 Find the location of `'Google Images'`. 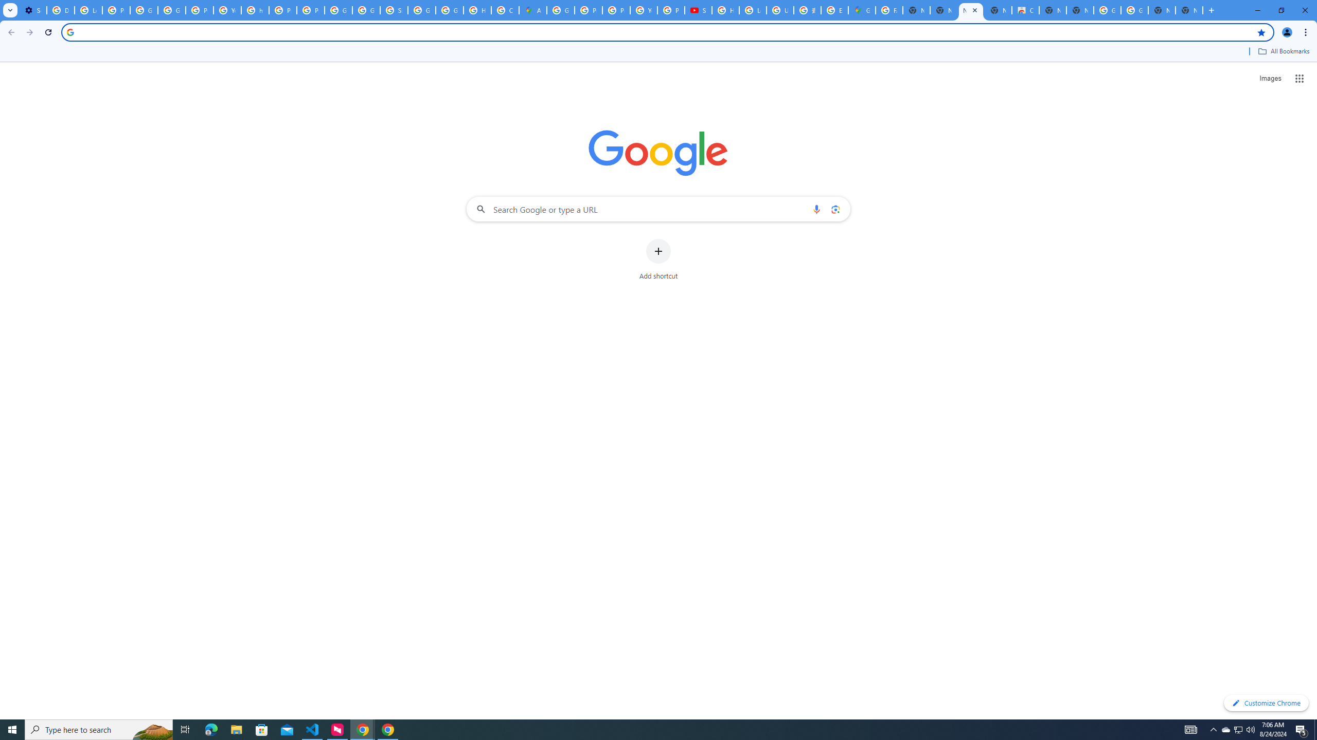

'Google Images' is located at coordinates (1107, 10).